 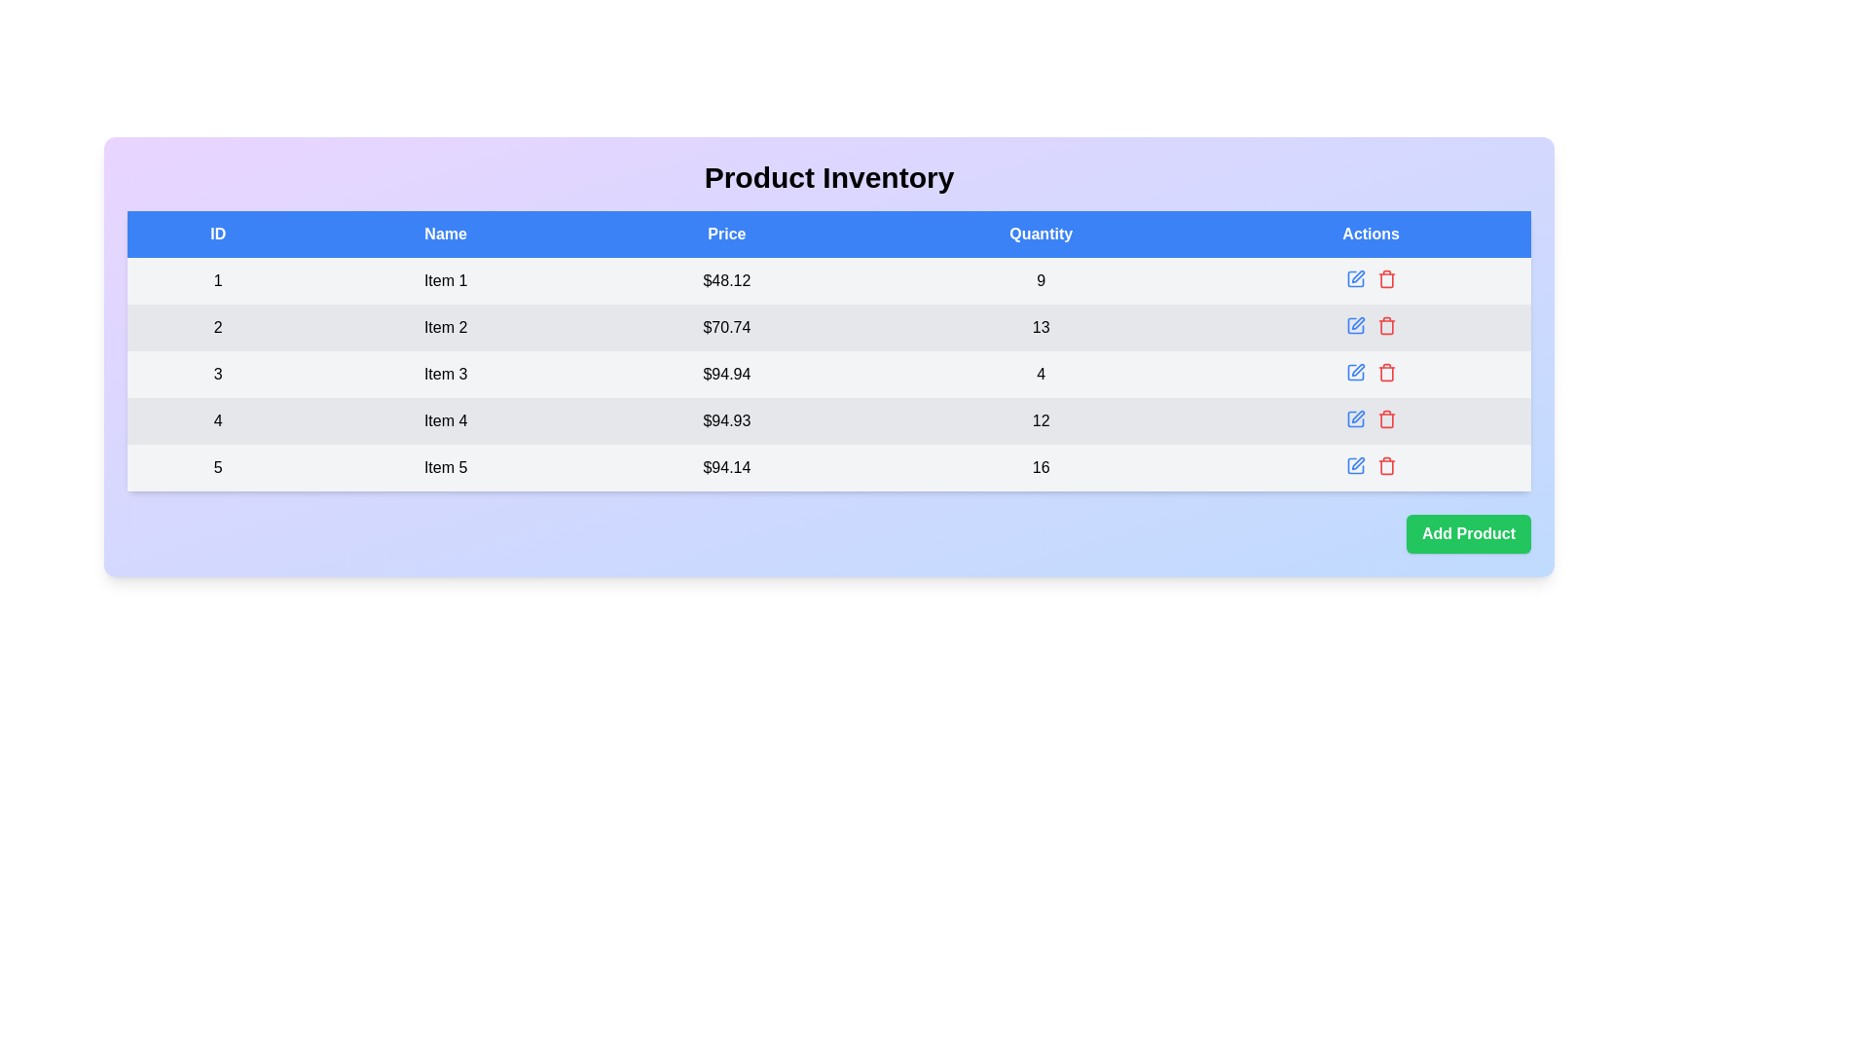 I want to click on the static text element displaying the numeral '5' in a bold black font, which is located in the leftmost column of the last row in a grid-like table, so click(x=218, y=468).